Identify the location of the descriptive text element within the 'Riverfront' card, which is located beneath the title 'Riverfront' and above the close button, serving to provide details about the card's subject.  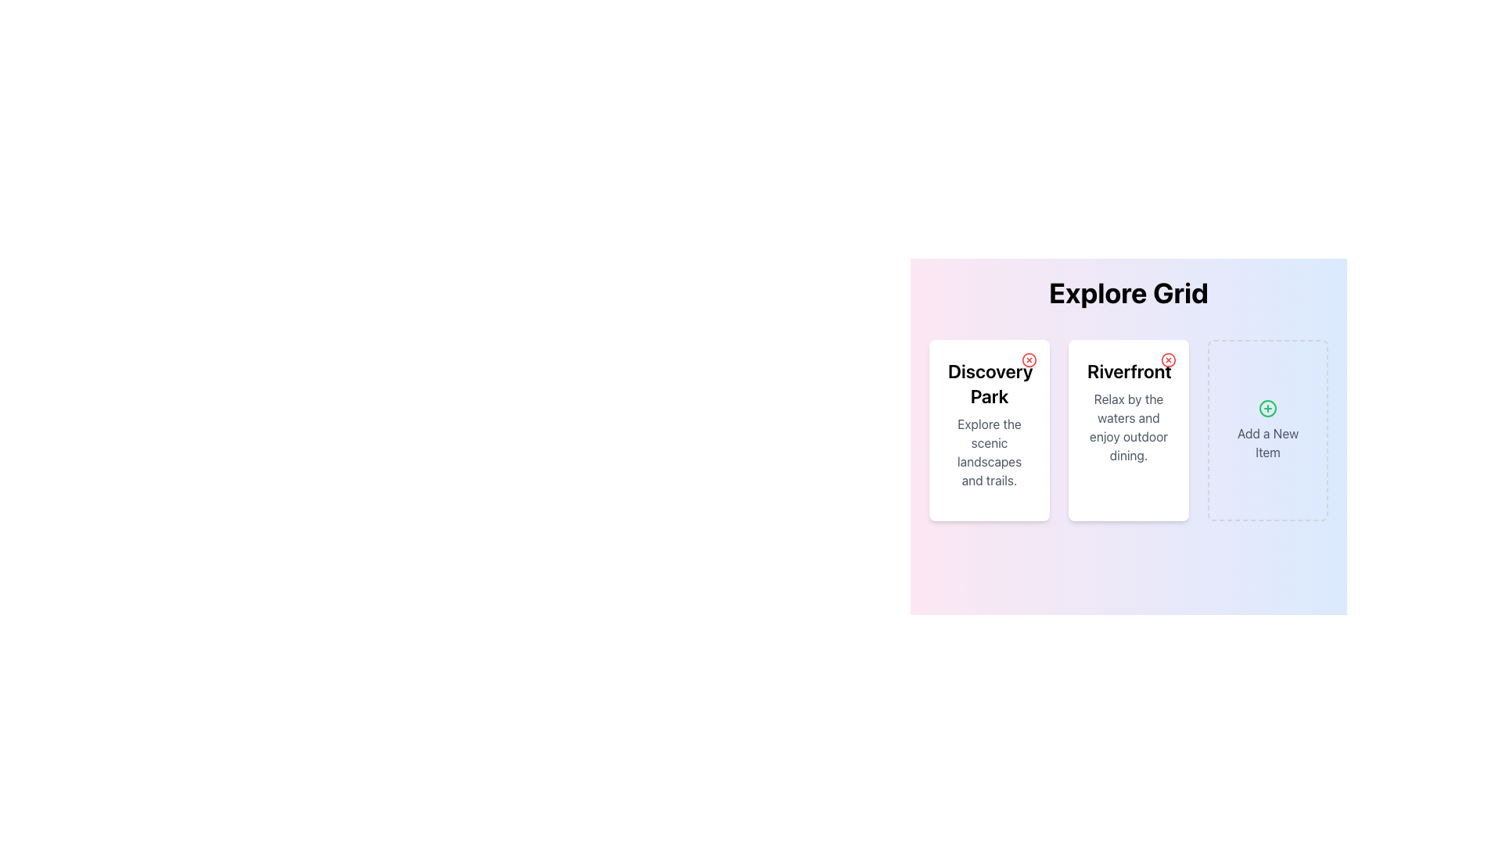
(1129, 427).